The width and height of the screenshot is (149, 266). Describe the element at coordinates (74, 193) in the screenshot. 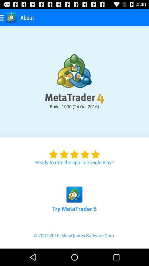

I see `try metatrader 5` at that location.